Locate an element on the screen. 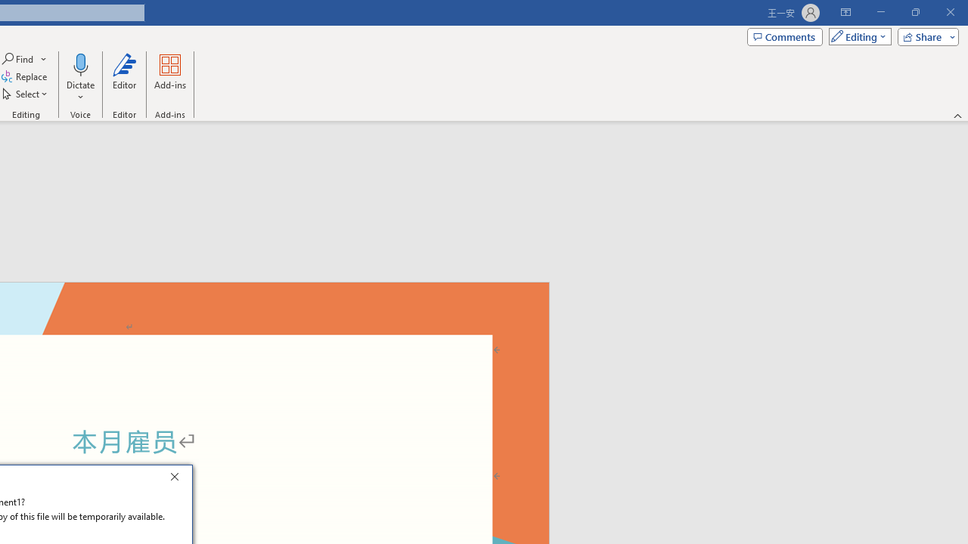  'Mode' is located at coordinates (857, 36).